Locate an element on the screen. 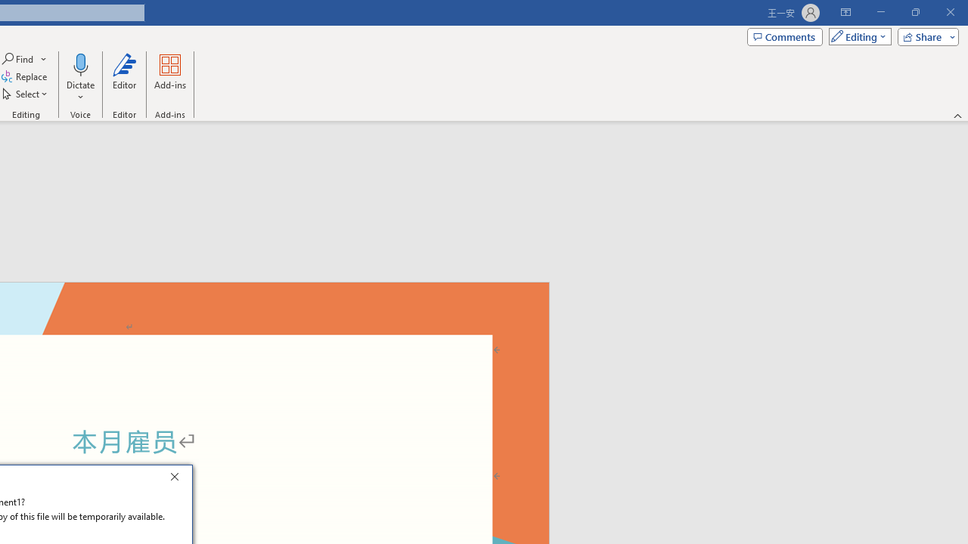  'Mode' is located at coordinates (857, 36).